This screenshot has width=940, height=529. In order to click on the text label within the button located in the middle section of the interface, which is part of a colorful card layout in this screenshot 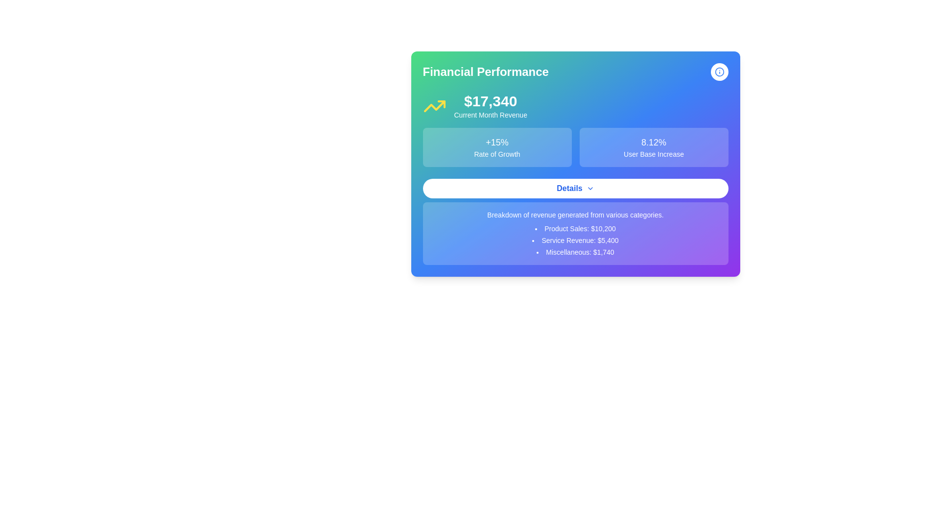, I will do `click(569, 189)`.